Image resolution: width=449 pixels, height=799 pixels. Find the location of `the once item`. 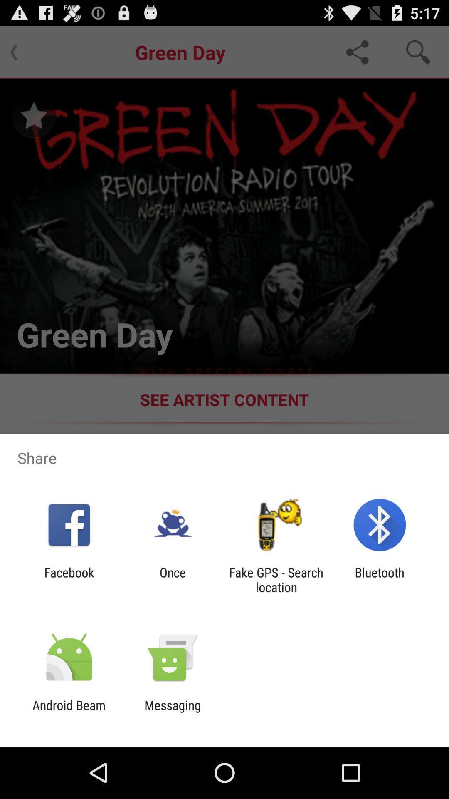

the once item is located at coordinates (172, 579).